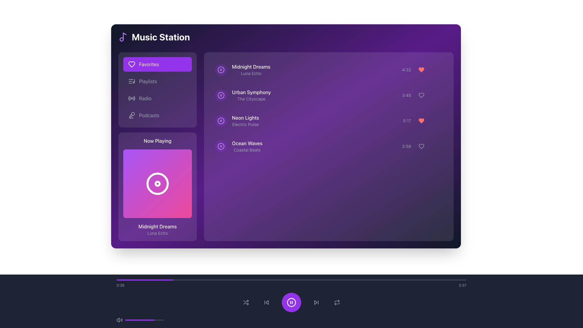 The width and height of the screenshot is (583, 328). I want to click on playback position, so click(373, 280).